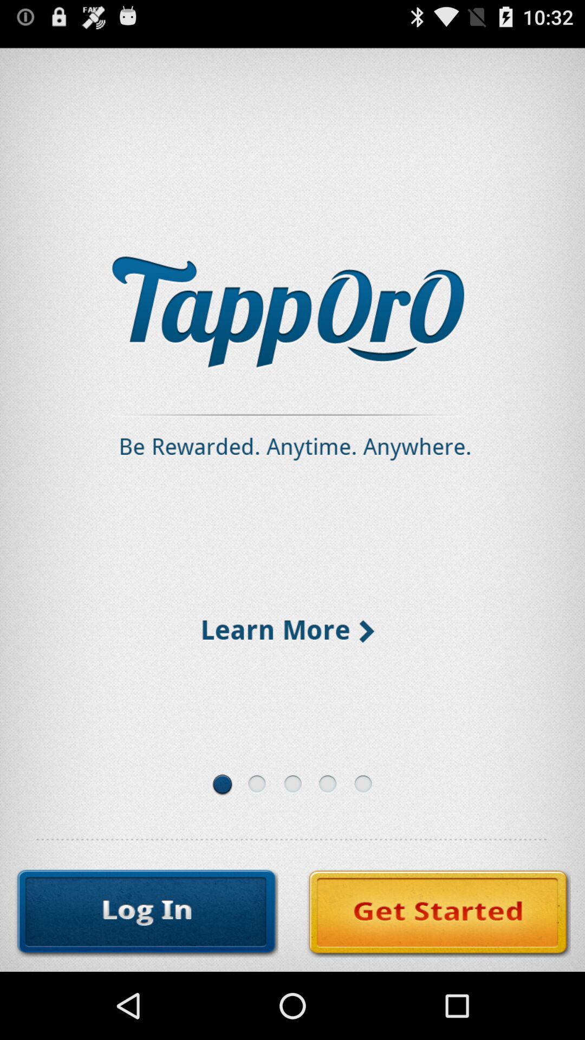  I want to click on the icon at the bottom right corner, so click(439, 913).